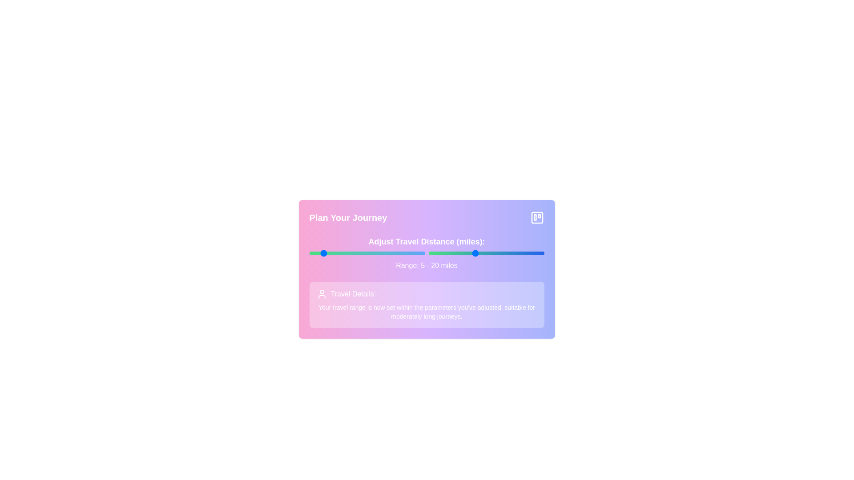 The image size is (854, 480). Describe the element at coordinates (470, 253) in the screenshot. I see `the travel distance` at that location.